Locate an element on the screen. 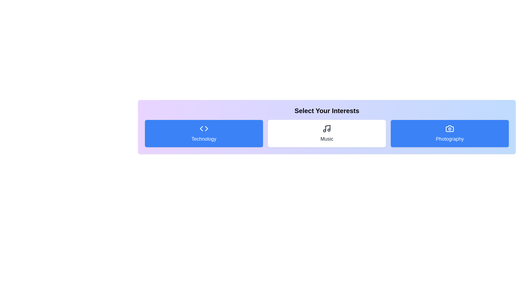 This screenshot has height=295, width=525. the 'Music' category to toggle its activation state is located at coordinates (327, 134).